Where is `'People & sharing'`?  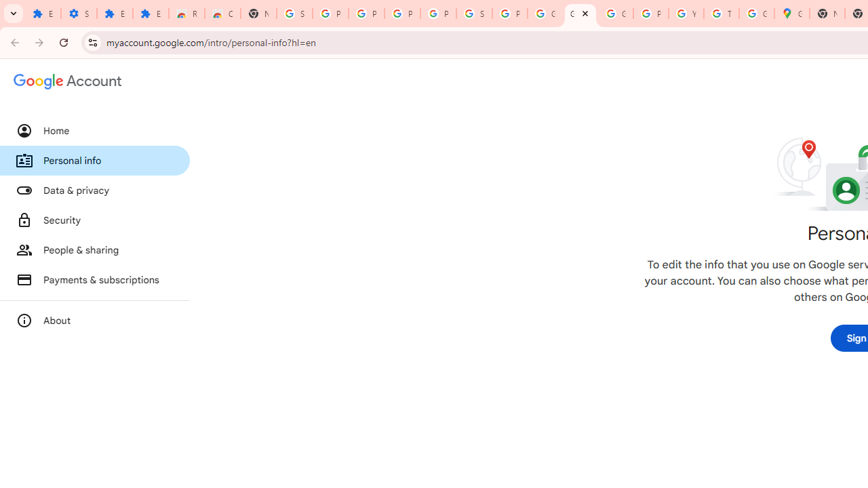
'People & sharing' is located at coordinates (94, 249).